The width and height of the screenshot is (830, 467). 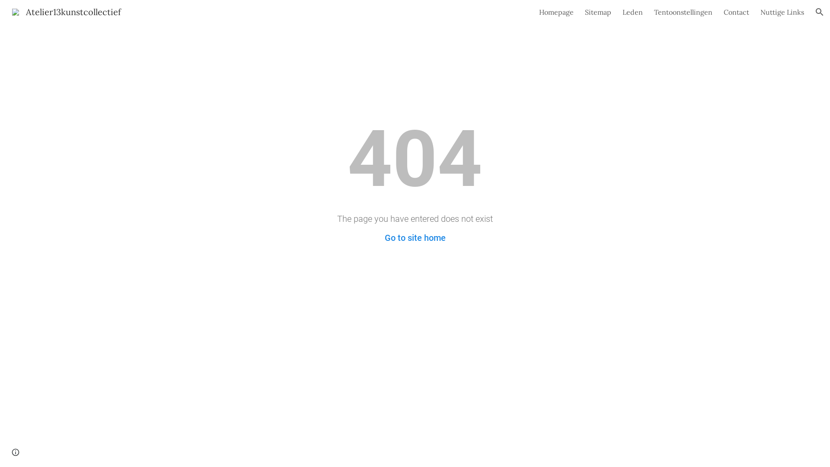 What do you see at coordinates (736, 12) in the screenshot?
I see `'Contact'` at bounding box center [736, 12].